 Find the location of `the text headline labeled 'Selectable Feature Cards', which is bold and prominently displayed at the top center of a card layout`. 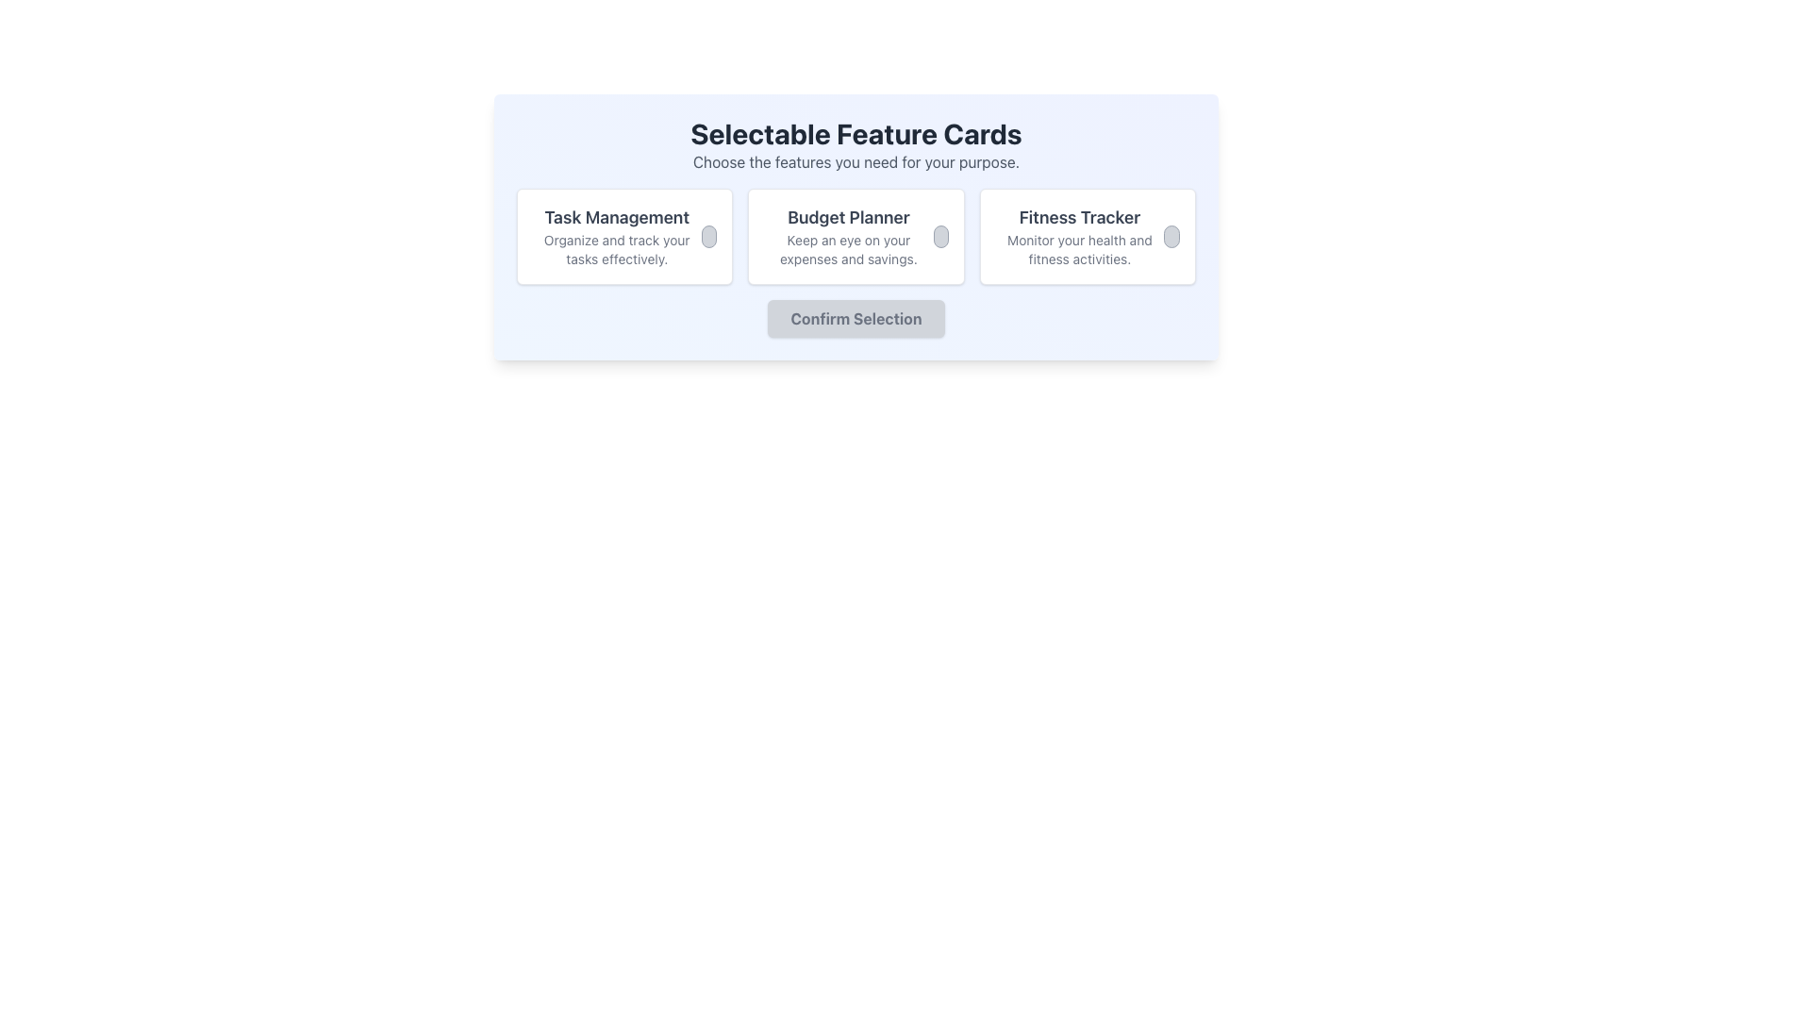

the text headline labeled 'Selectable Feature Cards', which is bold and prominently displayed at the top center of a card layout is located at coordinates (855, 133).